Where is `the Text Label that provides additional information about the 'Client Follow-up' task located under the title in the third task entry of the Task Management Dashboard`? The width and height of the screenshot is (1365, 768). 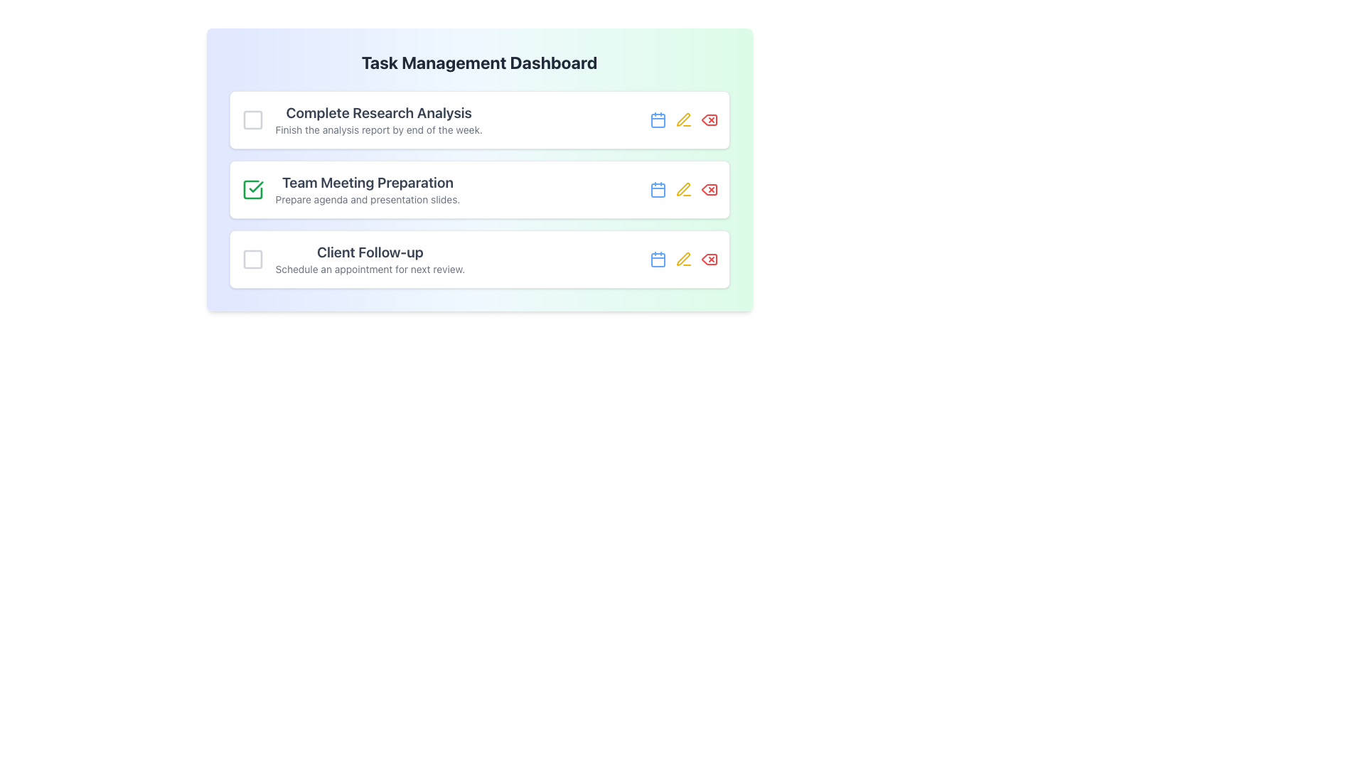 the Text Label that provides additional information about the 'Client Follow-up' task located under the title in the third task entry of the Task Management Dashboard is located at coordinates (370, 269).